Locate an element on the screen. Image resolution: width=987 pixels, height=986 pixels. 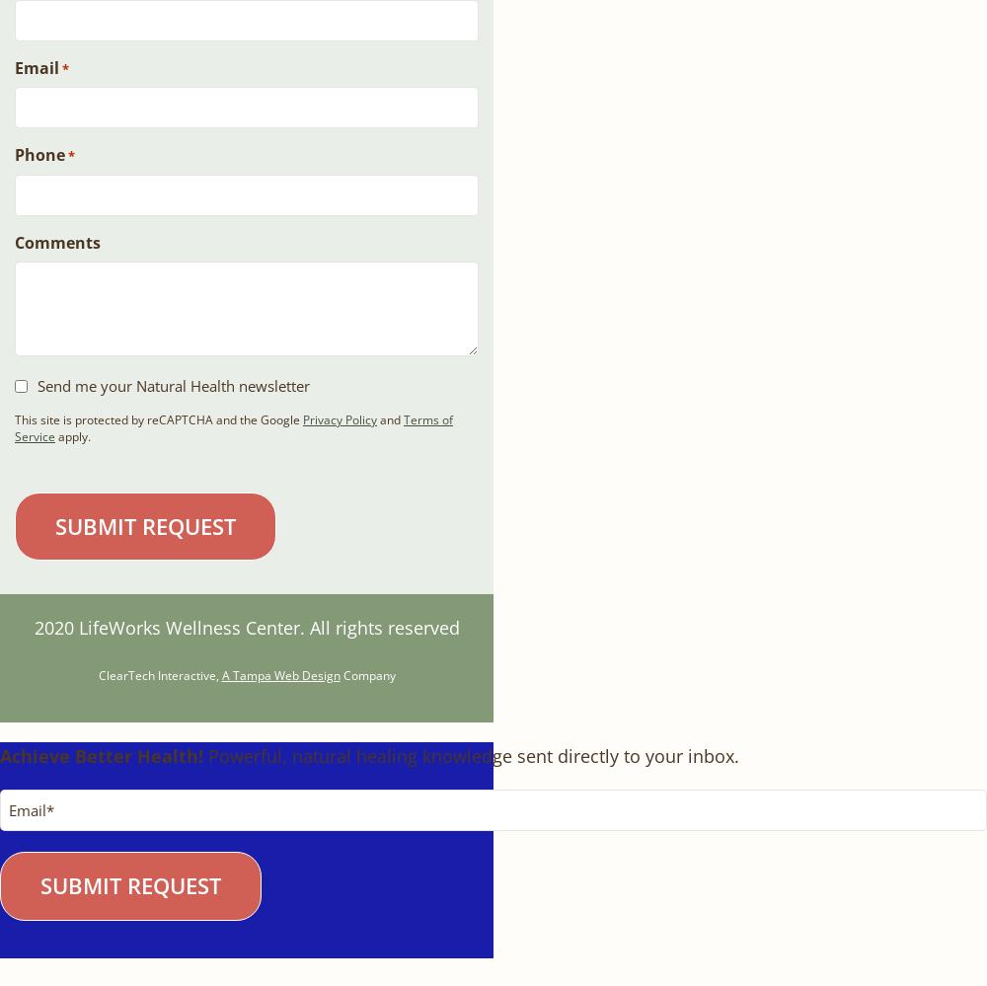
'Company' is located at coordinates (366, 674).